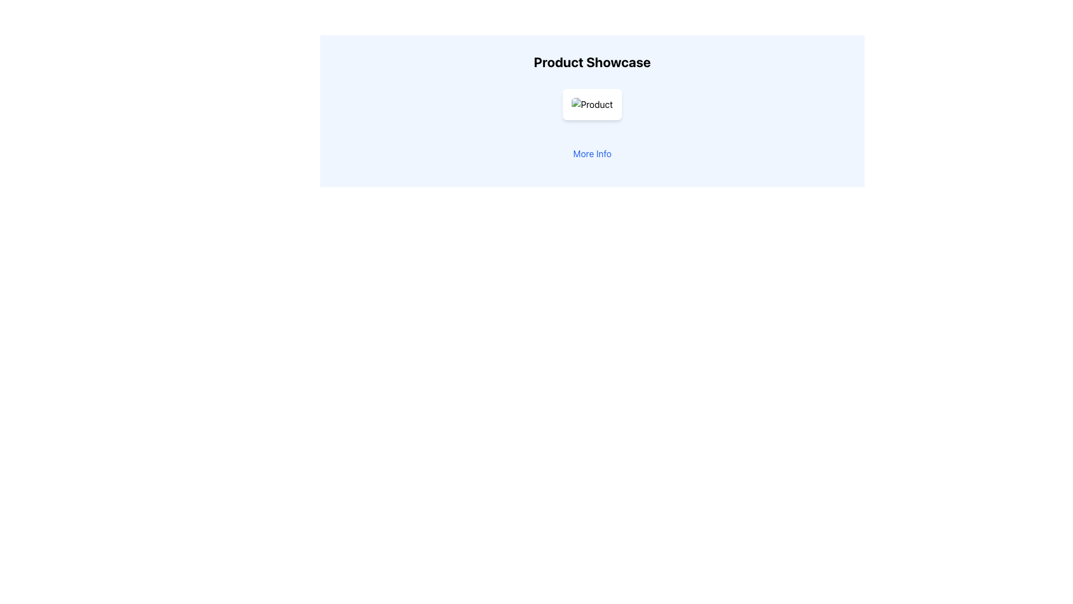 The width and height of the screenshot is (1073, 604). What do you see at coordinates (581, 101) in the screenshot?
I see `the 'favorite' SVG icon within the circular button located below the 'Product Showcase' title` at bounding box center [581, 101].